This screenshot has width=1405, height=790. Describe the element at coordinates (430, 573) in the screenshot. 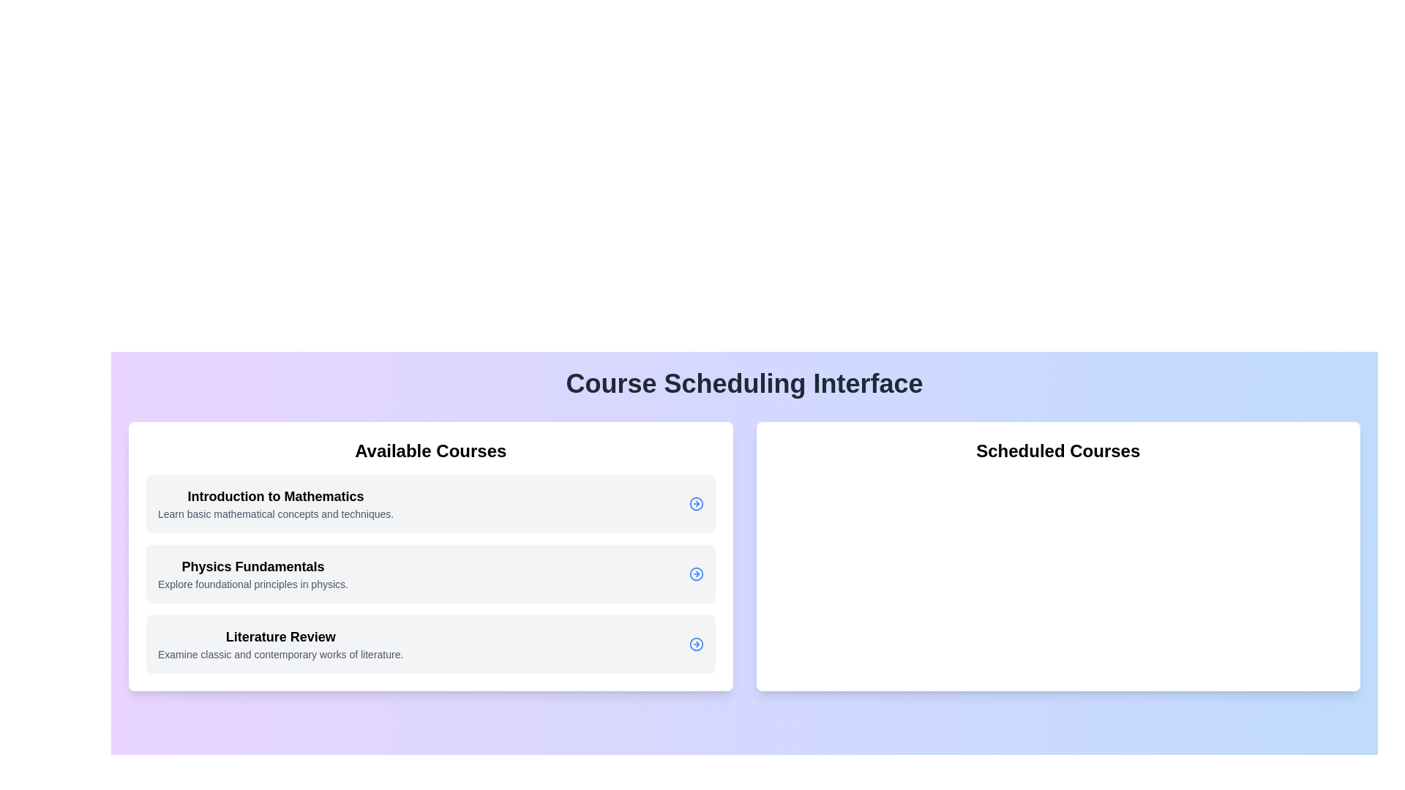

I see `the second informational card in the 'Available Courses' list` at that location.